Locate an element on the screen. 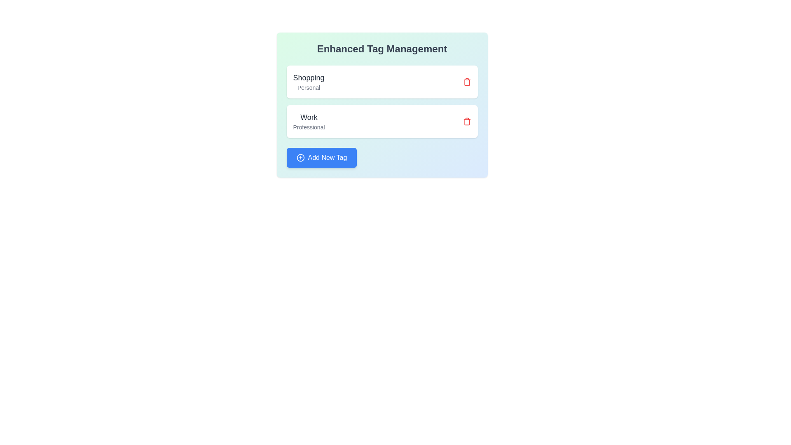 The width and height of the screenshot is (791, 445). the rounded rectangle outline representing part of the trash bin icon associated with the 'Work' tag in the interface is located at coordinates (467, 122).